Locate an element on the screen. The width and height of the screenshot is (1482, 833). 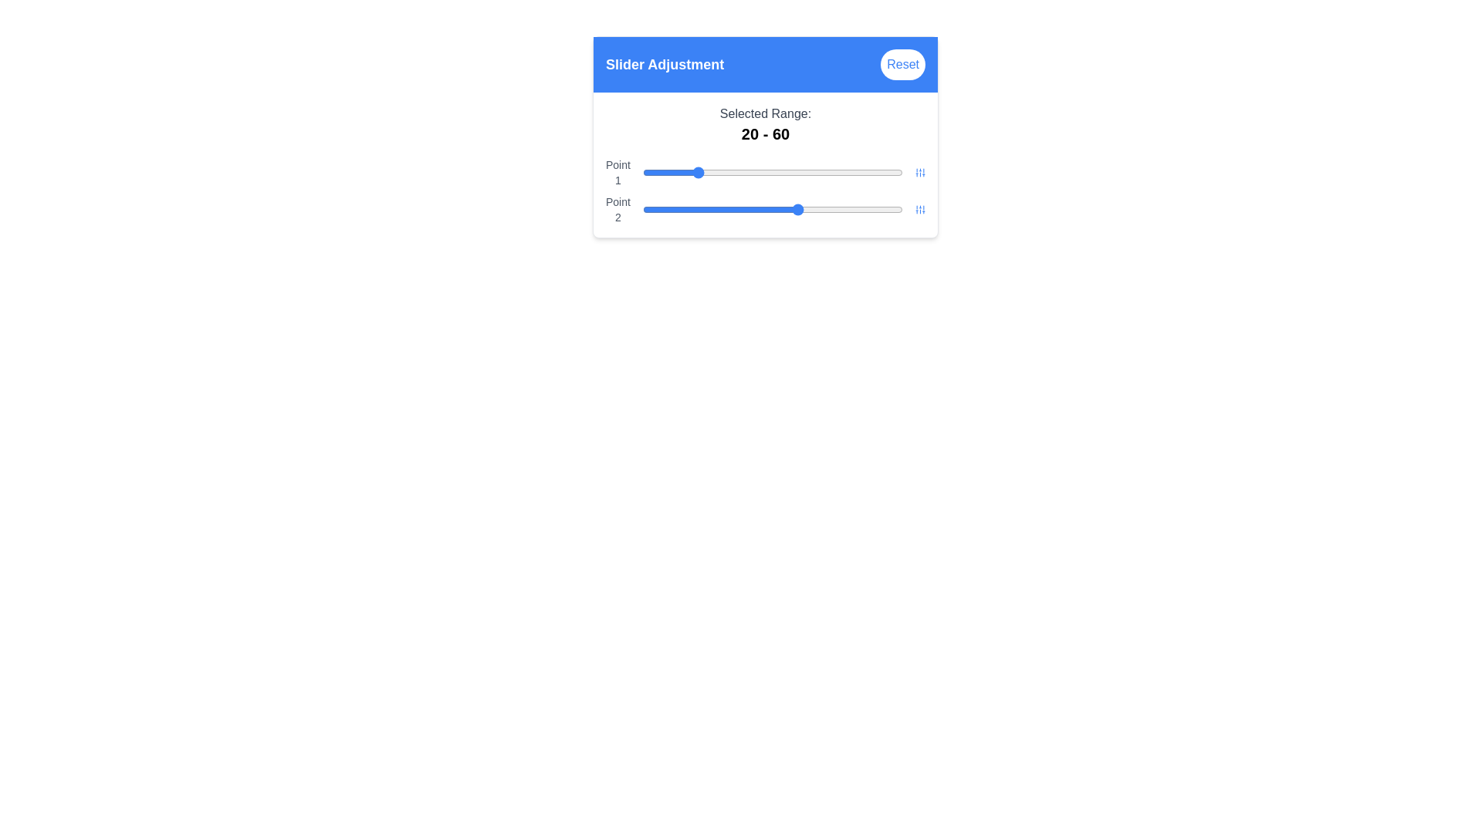
the slider is located at coordinates (692, 210).